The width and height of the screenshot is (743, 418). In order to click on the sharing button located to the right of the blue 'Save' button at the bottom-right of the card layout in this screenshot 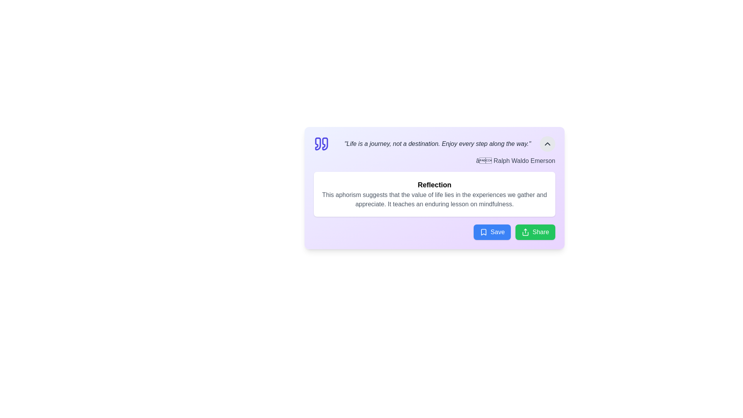, I will do `click(535, 232)`.